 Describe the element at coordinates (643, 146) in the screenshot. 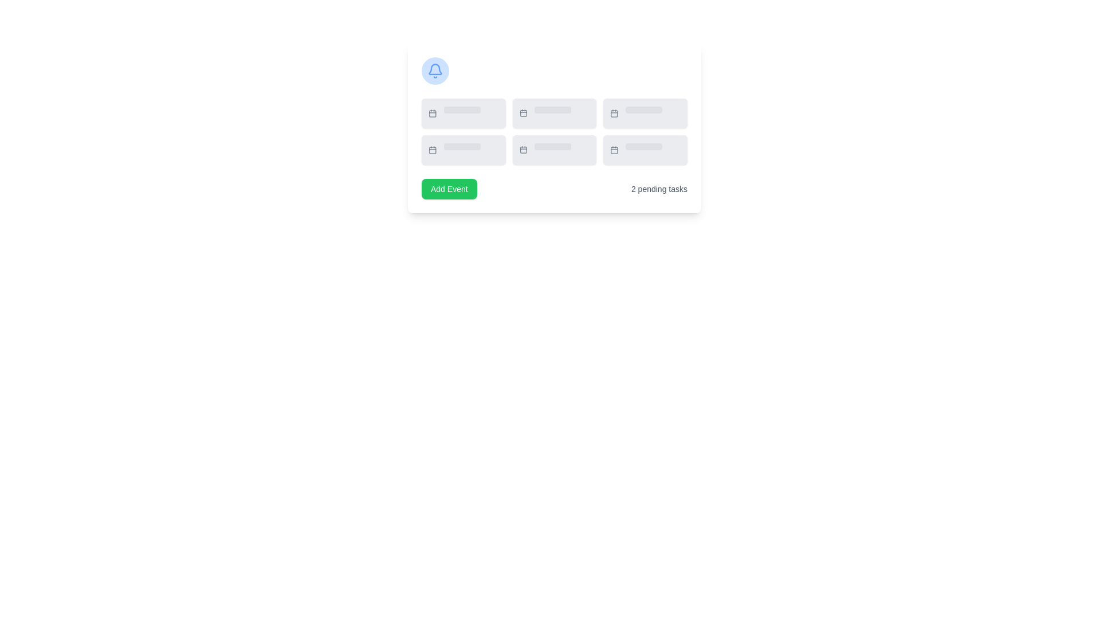

I see `the Loading placeholder bar, which is a rectangular bar with rounded edges, styled with a light gray background and a pulsating animation effect, located in the lower right area of a card-like interface layout` at that location.